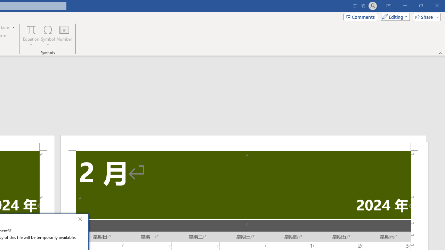 The height and width of the screenshot is (250, 445). What do you see at coordinates (31, 42) in the screenshot?
I see `'More Options'` at bounding box center [31, 42].